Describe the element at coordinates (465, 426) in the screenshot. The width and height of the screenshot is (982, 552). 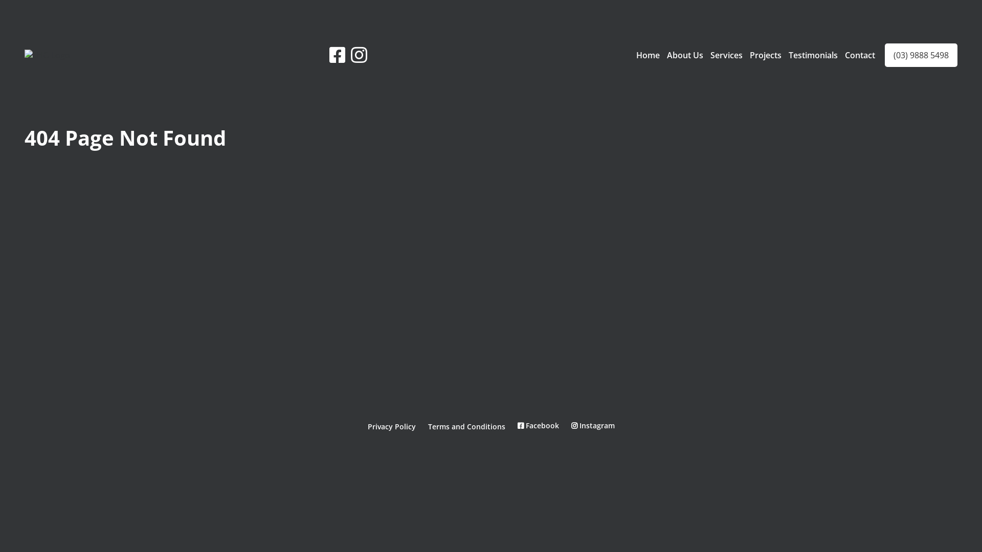
I see `'Terms and Conditions'` at that location.